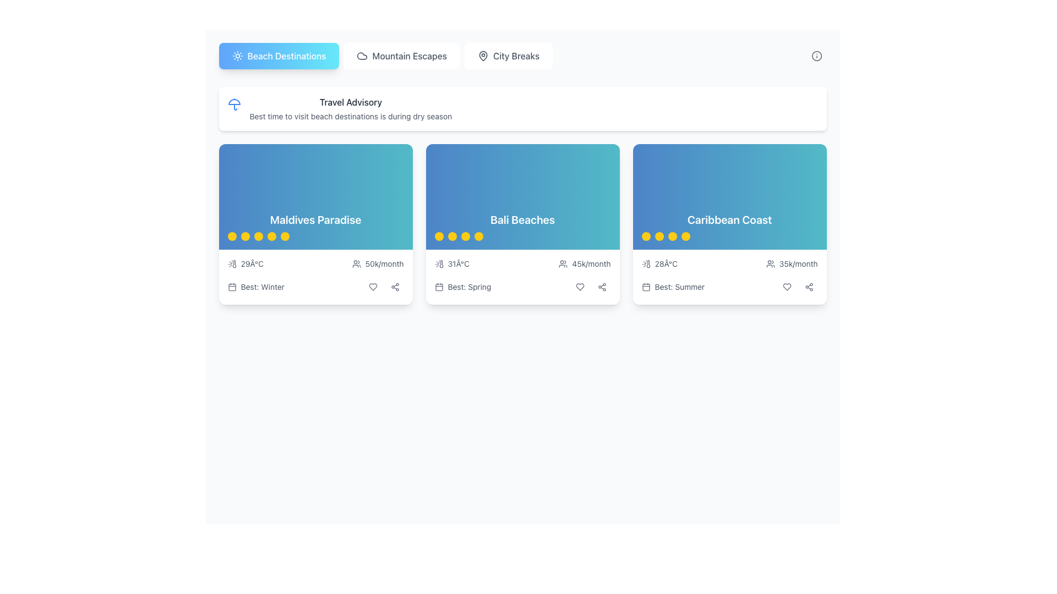 This screenshot has height=594, width=1057. I want to click on the informational text reading 'Best time to visit beach destinations is during dry season' located directly below the 'Travel Advisory' heading to emphasize it, so click(350, 117).